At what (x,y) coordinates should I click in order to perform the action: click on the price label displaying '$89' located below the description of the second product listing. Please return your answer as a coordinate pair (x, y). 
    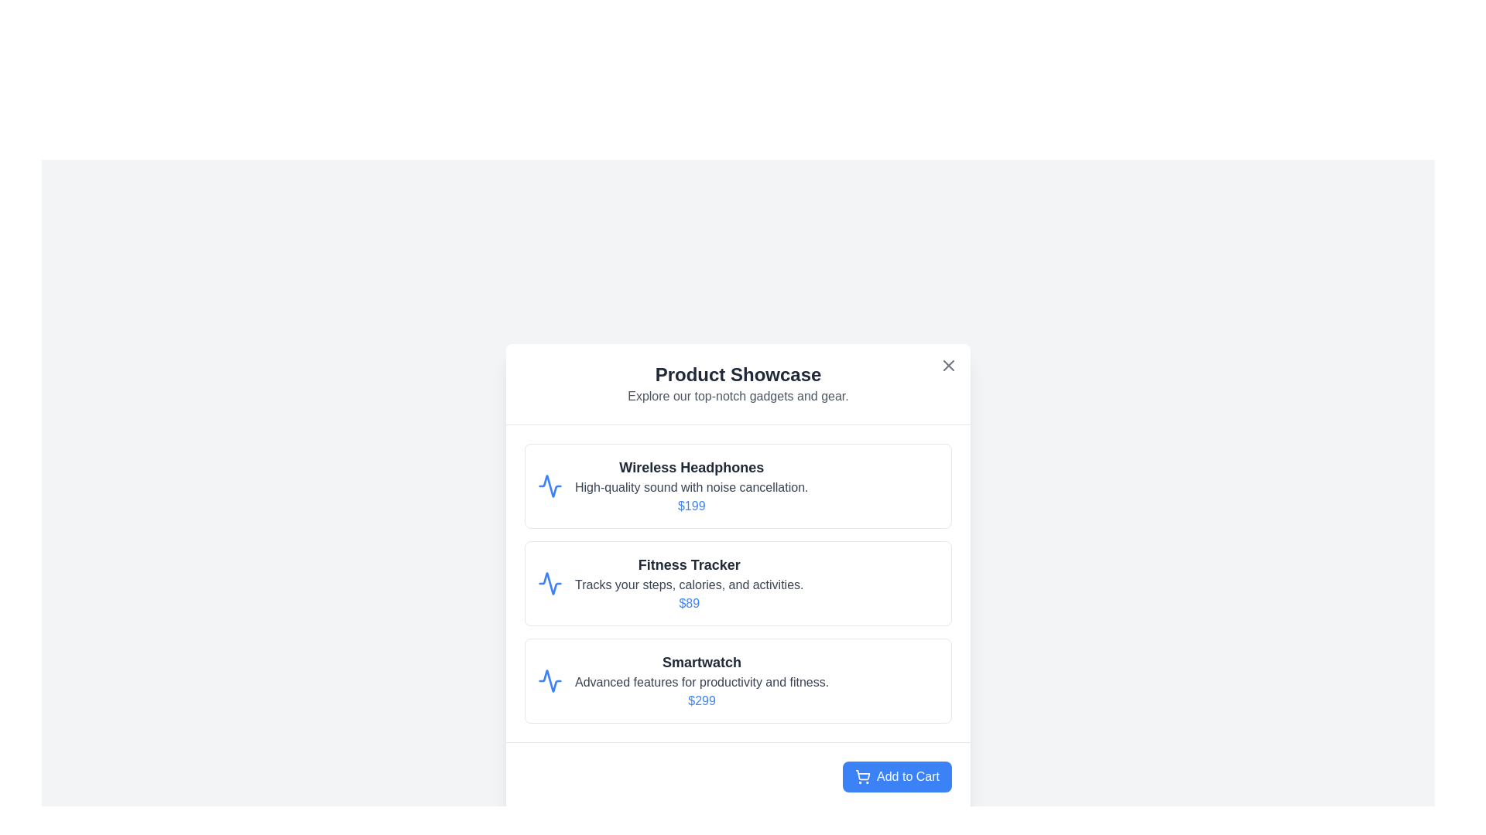
    Looking at the image, I should click on (688, 602).